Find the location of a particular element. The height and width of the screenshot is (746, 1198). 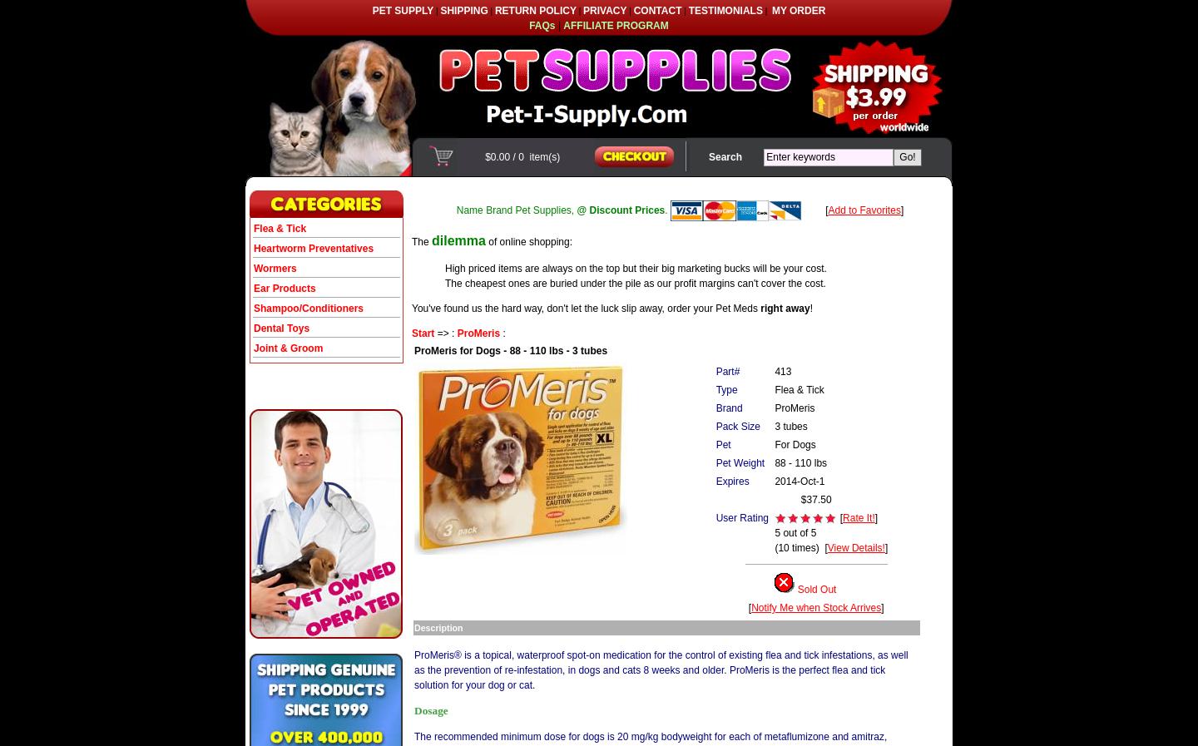

':' is located at coordinates (501, 332).